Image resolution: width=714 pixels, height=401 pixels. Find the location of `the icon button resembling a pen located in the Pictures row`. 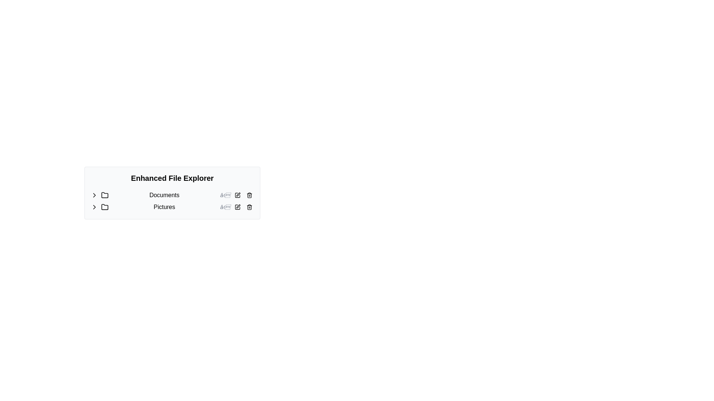

the icon button resembling a pen located in the Pictures row is located at coordinates (237, 207).